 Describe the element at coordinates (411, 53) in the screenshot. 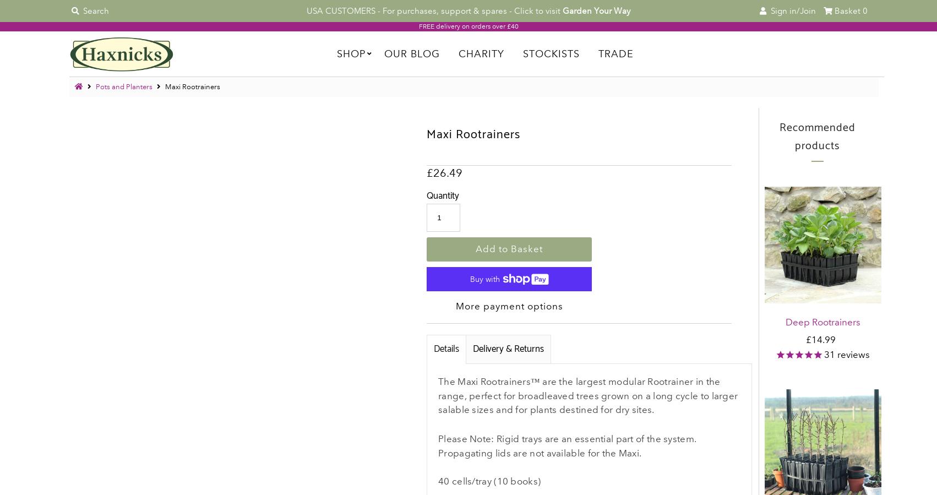

I see `'OUR BLOG'` at that location.